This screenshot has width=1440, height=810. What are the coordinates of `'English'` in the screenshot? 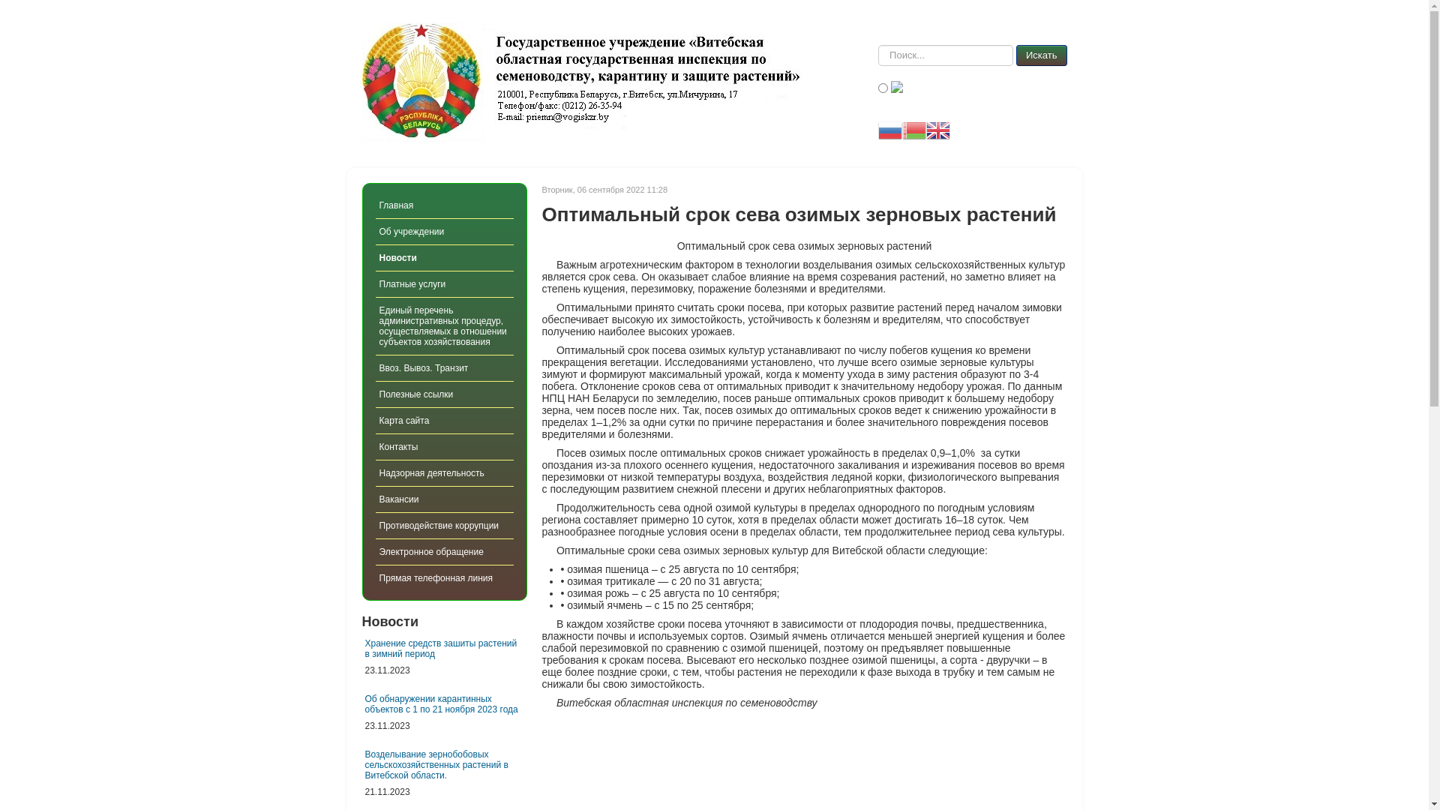 It's located at (925, 129).